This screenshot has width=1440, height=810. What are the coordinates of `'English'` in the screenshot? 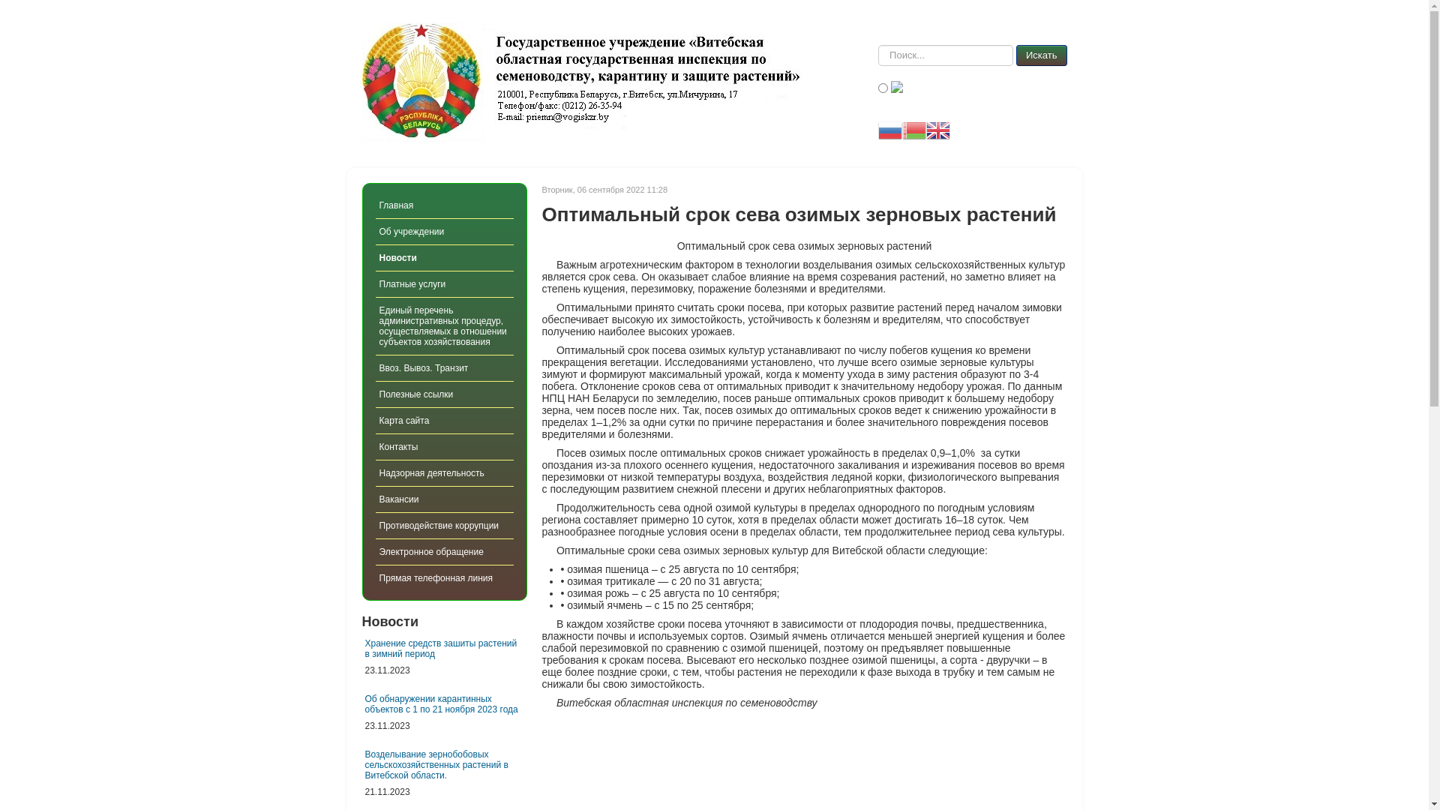 It's located at (925, 129).